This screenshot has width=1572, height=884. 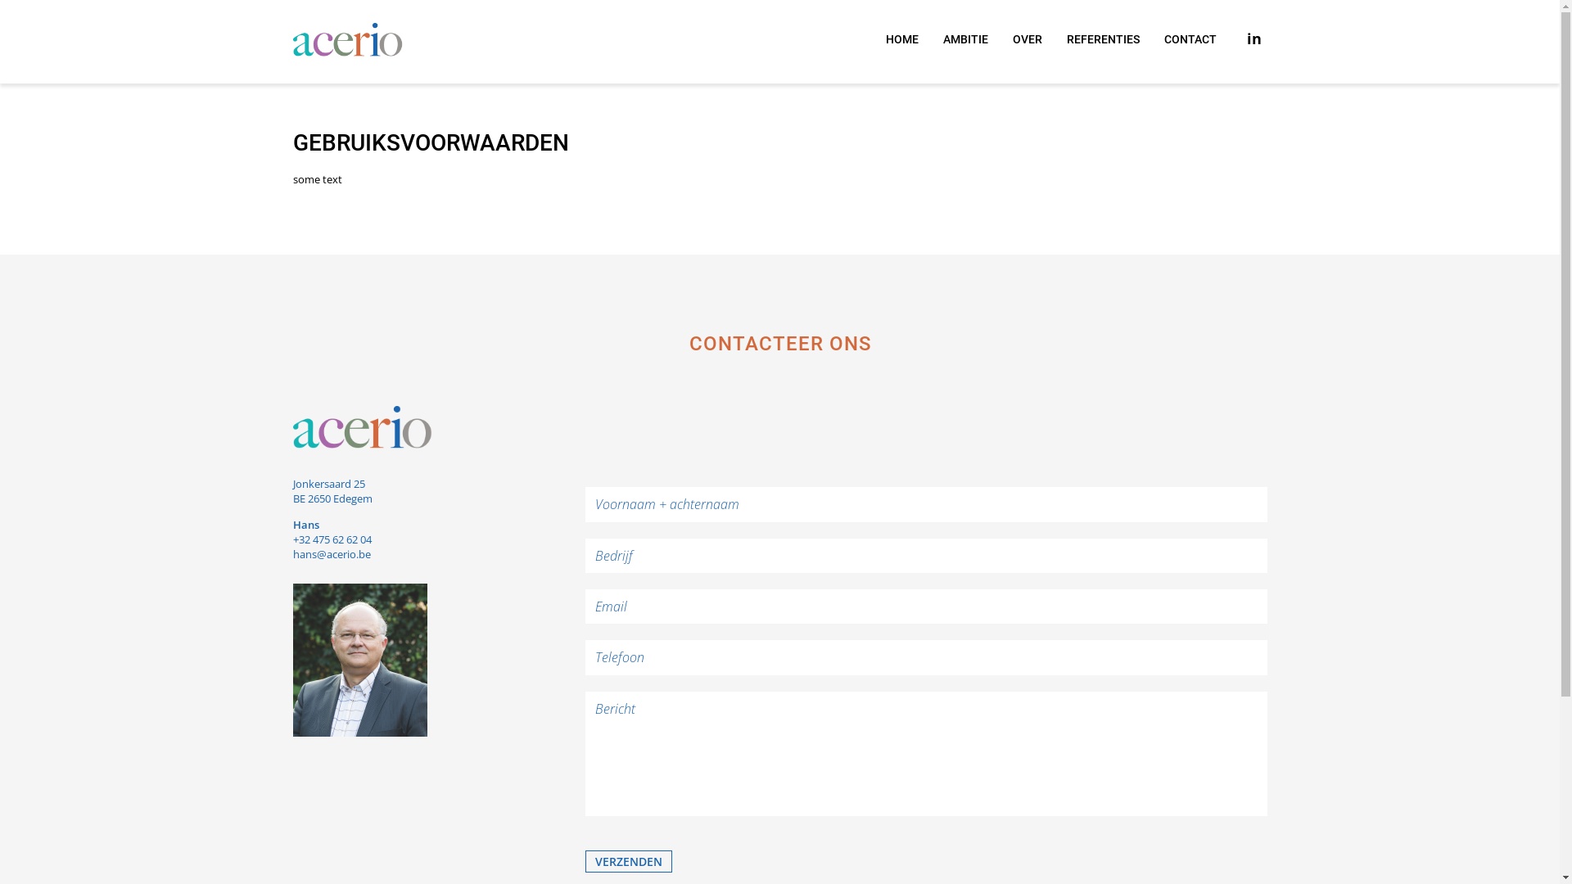 I want to click on 'CONTACT', so click(x=1190, y=39).